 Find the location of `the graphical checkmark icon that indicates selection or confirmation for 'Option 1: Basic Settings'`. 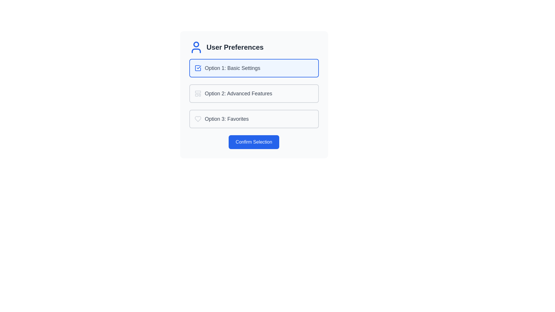

the graphical checkmark icon that indicates selection or confirmation for 'Option 1: Basic Settings' is located at coordinates (199, 67).